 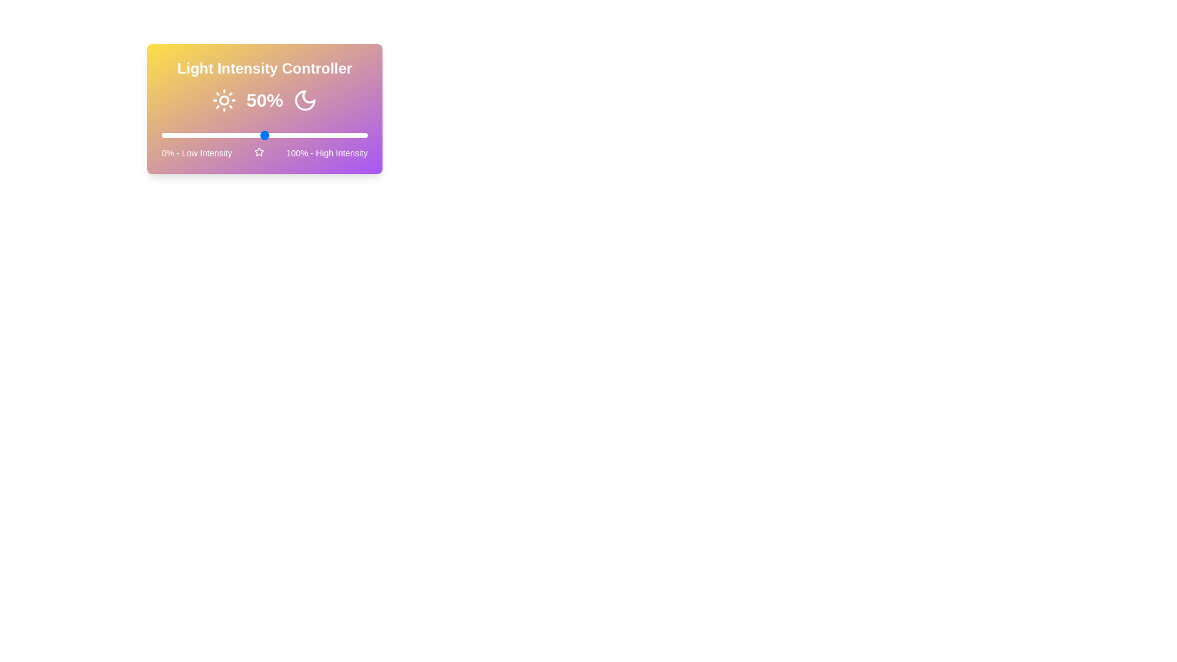 What do you see at coordinates (186, 135) in the screenshot?
I see `the light intensity to 12% using the slider` at bounding box center [186, 135].